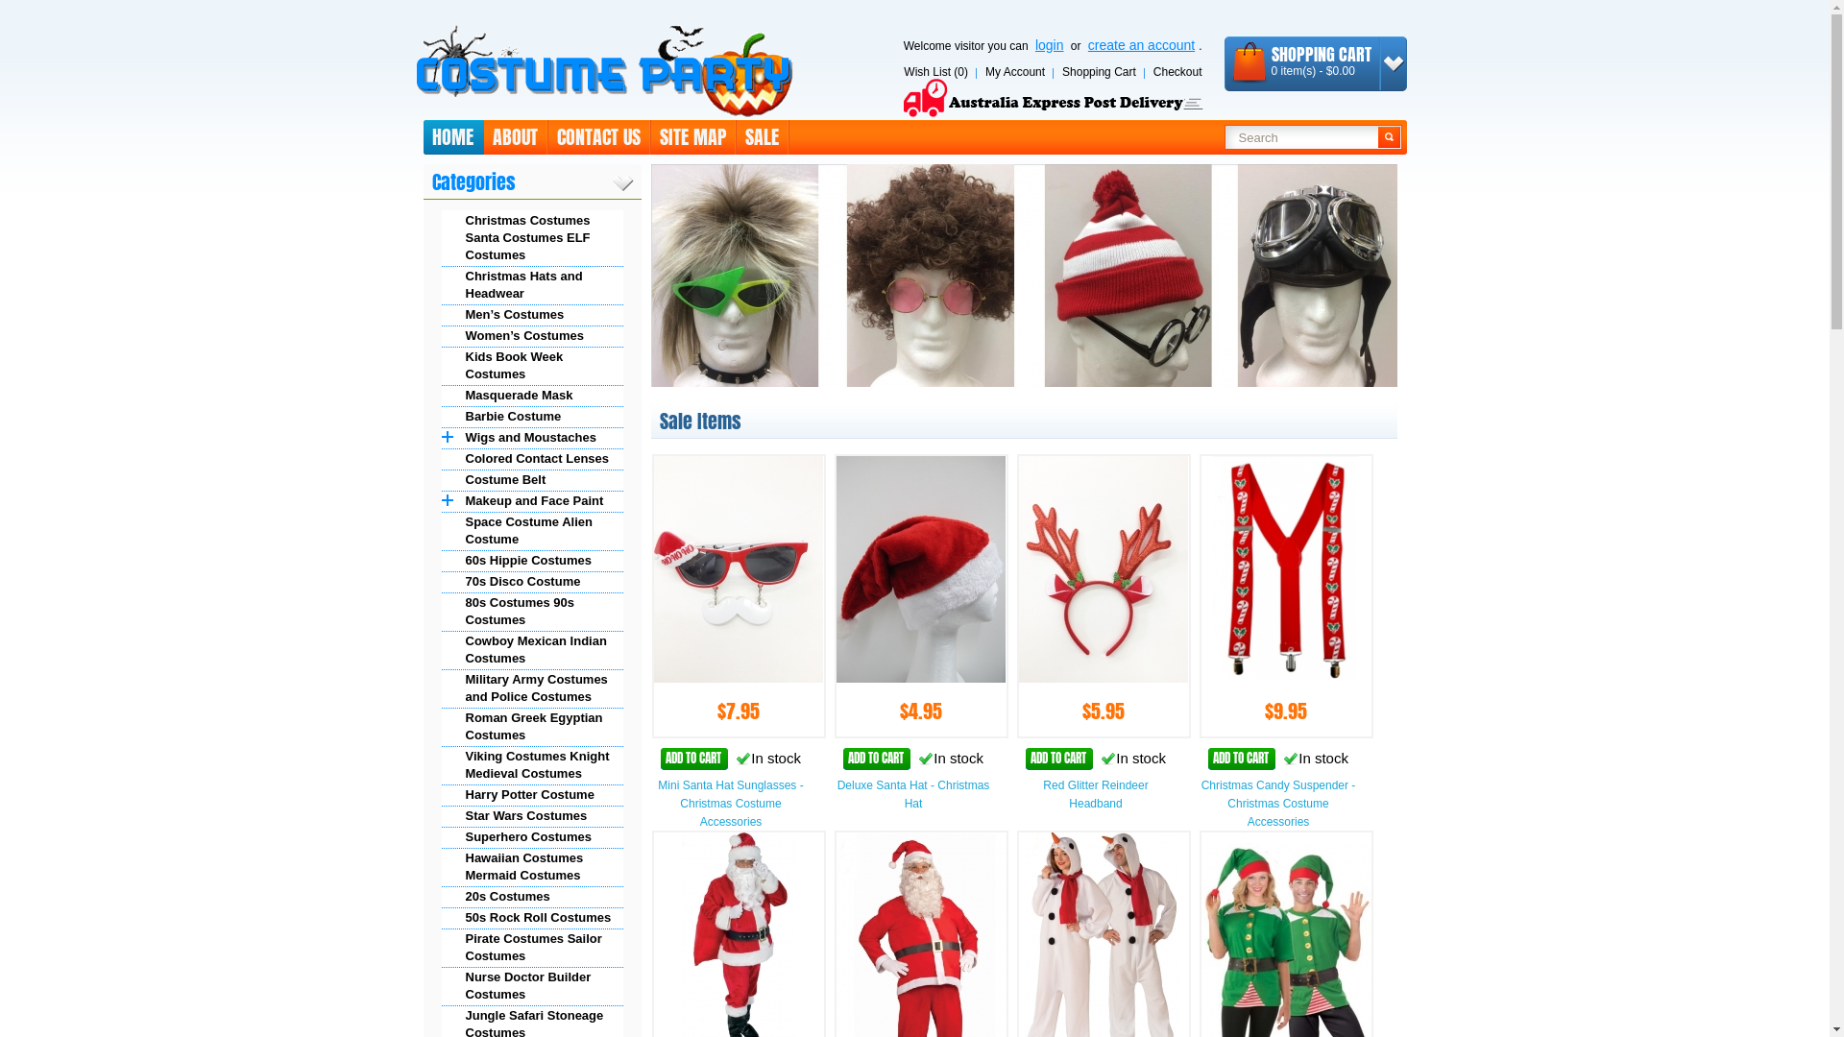  What do you see at coordinates (532, 917) in the screenshot?
I see `'50s Rock Roll Costumes'` at bounding box center [532, 917].